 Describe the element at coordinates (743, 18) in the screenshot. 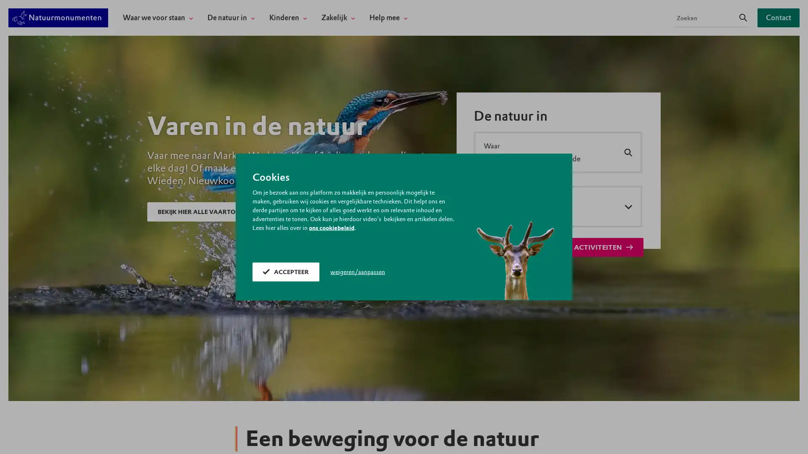

I see `Zoeken` at that location.